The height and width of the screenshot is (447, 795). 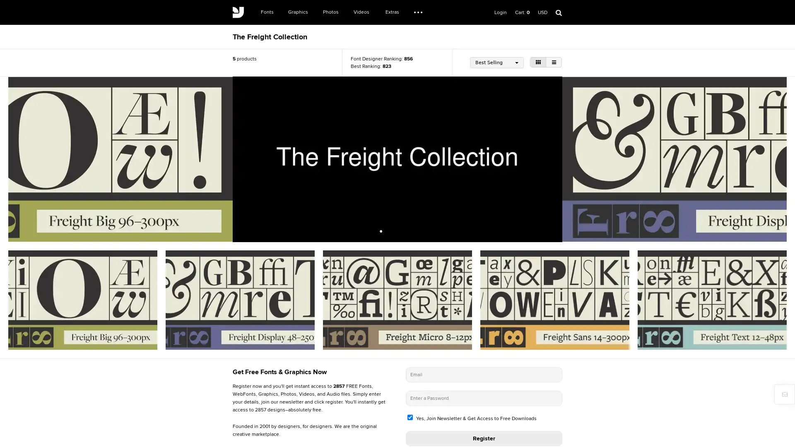 I want to click on Best Selling, so click(x=497, y=62).